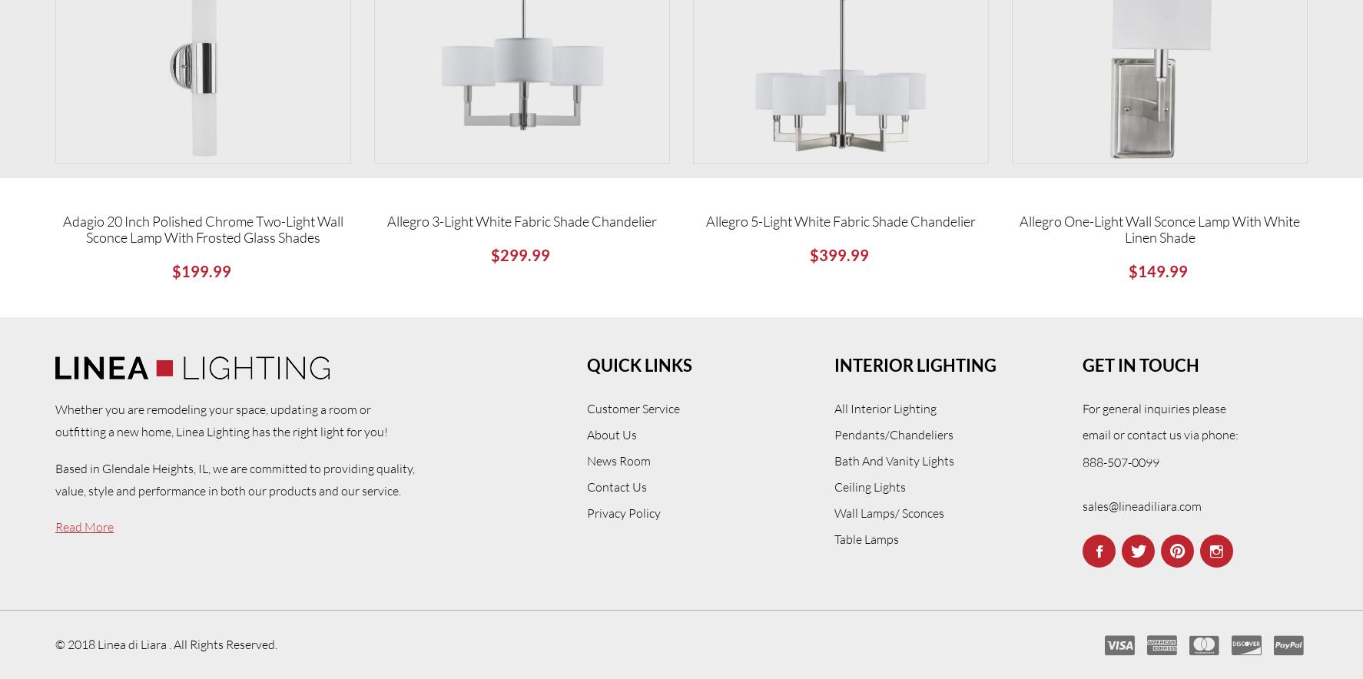 The image size is (1363, 679). I want to click on 'All Interior Lighting', so click(884, 408).